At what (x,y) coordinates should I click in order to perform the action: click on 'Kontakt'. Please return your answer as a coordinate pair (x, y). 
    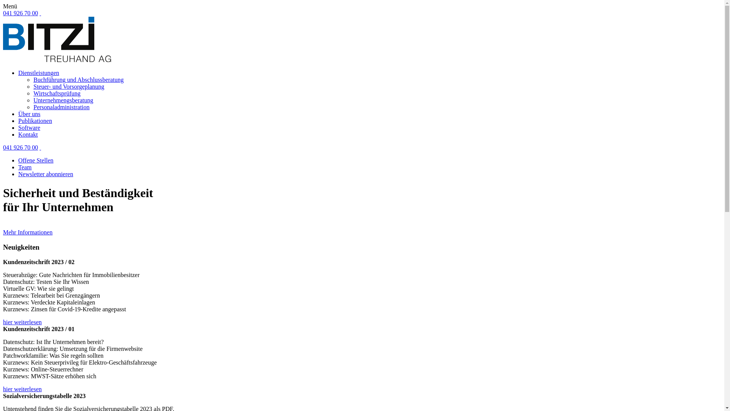
    Looking at the image, I should click on (28, 134).